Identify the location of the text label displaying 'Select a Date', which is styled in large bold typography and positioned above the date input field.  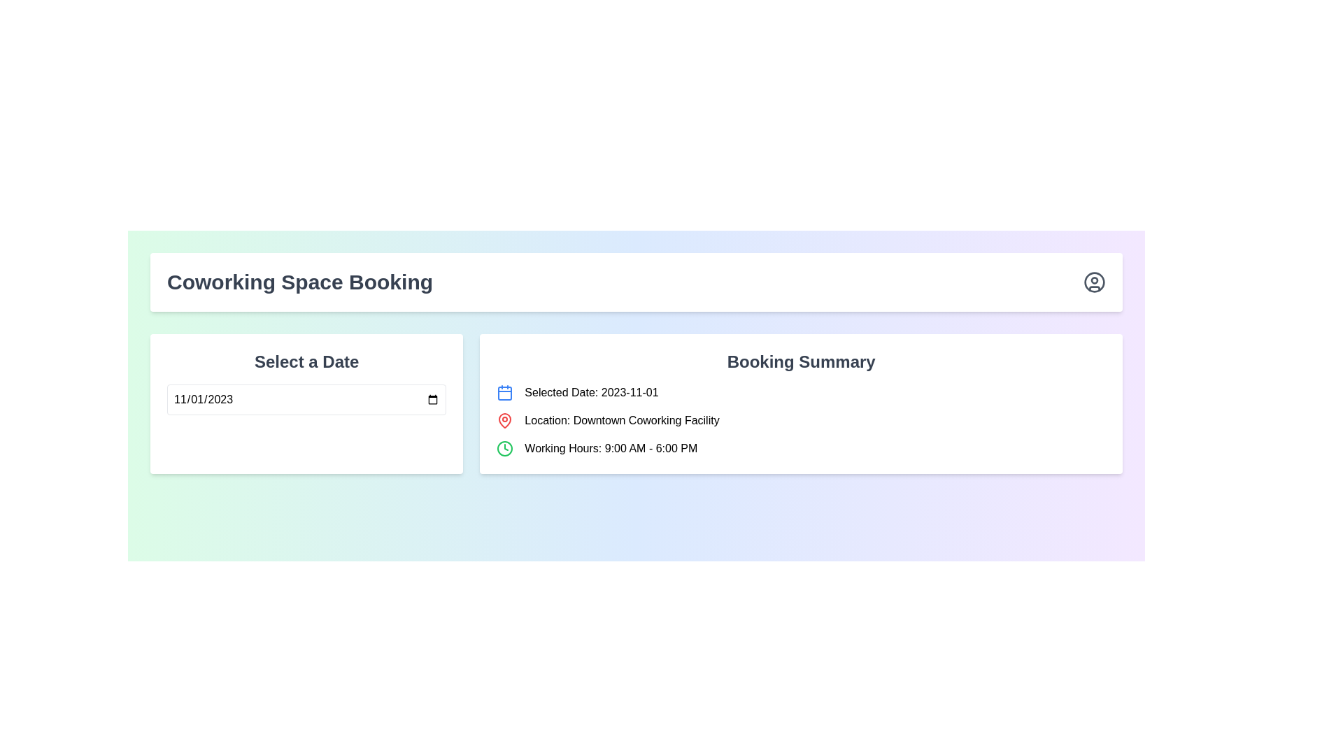
(306, 361).